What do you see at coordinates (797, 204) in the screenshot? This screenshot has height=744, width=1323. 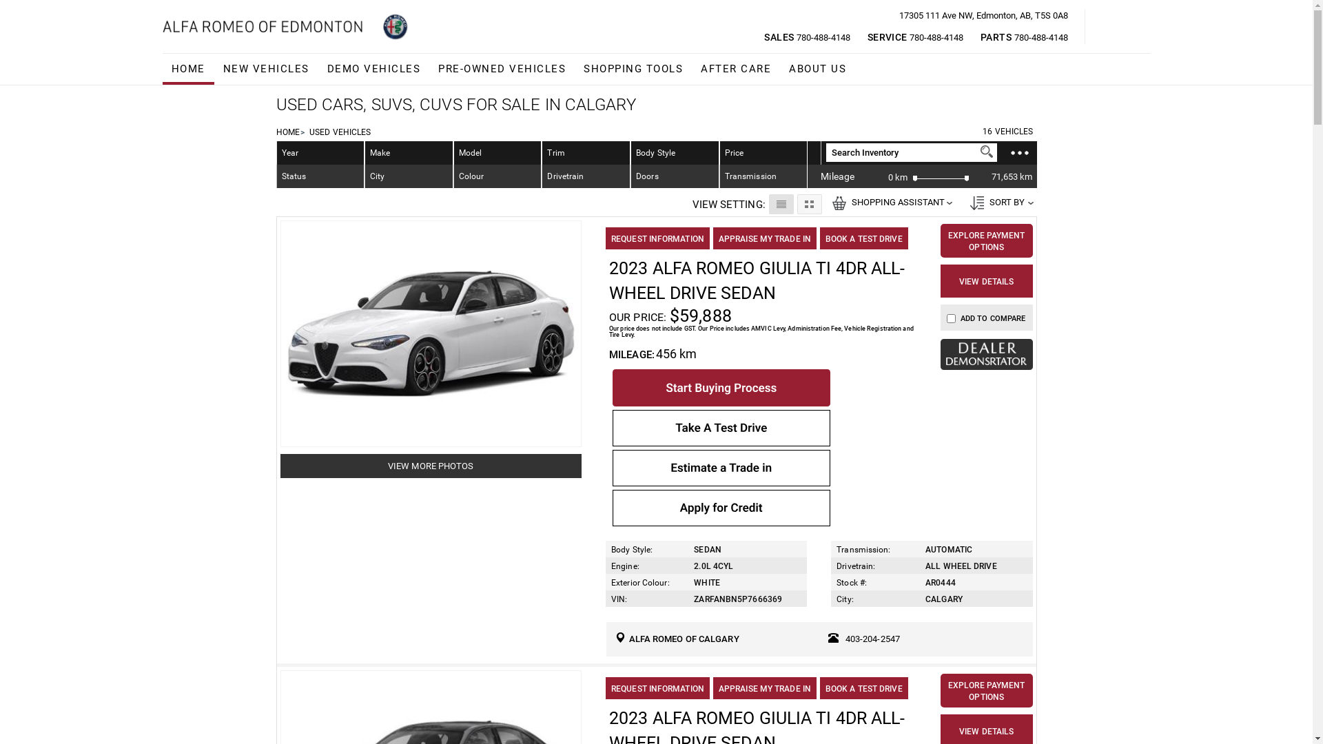 I see `'Grid View'` at bounding box center [797, 204].